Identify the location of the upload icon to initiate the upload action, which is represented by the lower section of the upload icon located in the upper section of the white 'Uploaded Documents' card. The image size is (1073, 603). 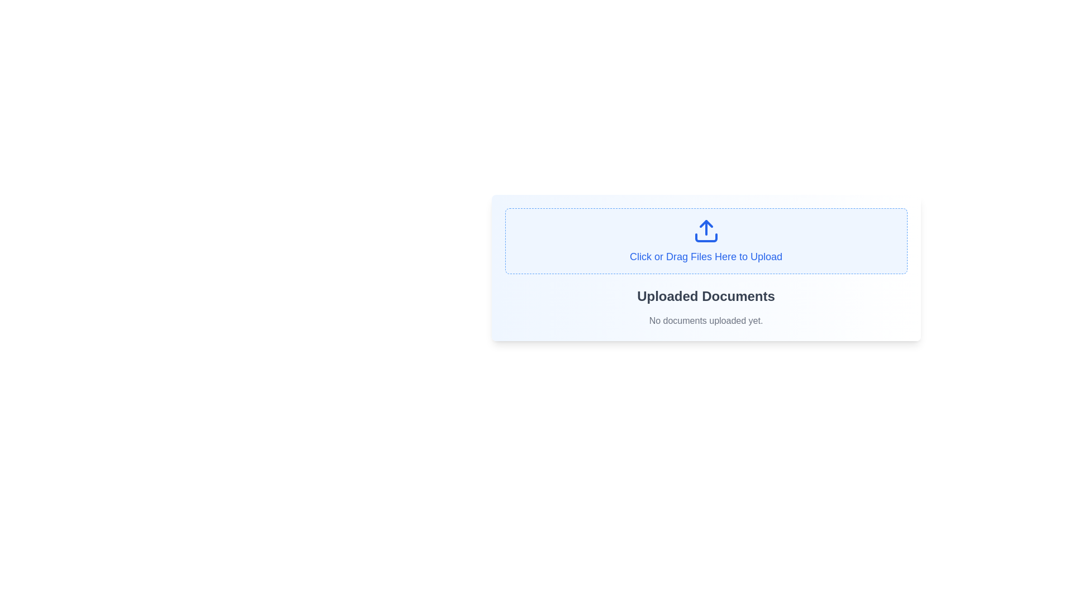
(705, 237).